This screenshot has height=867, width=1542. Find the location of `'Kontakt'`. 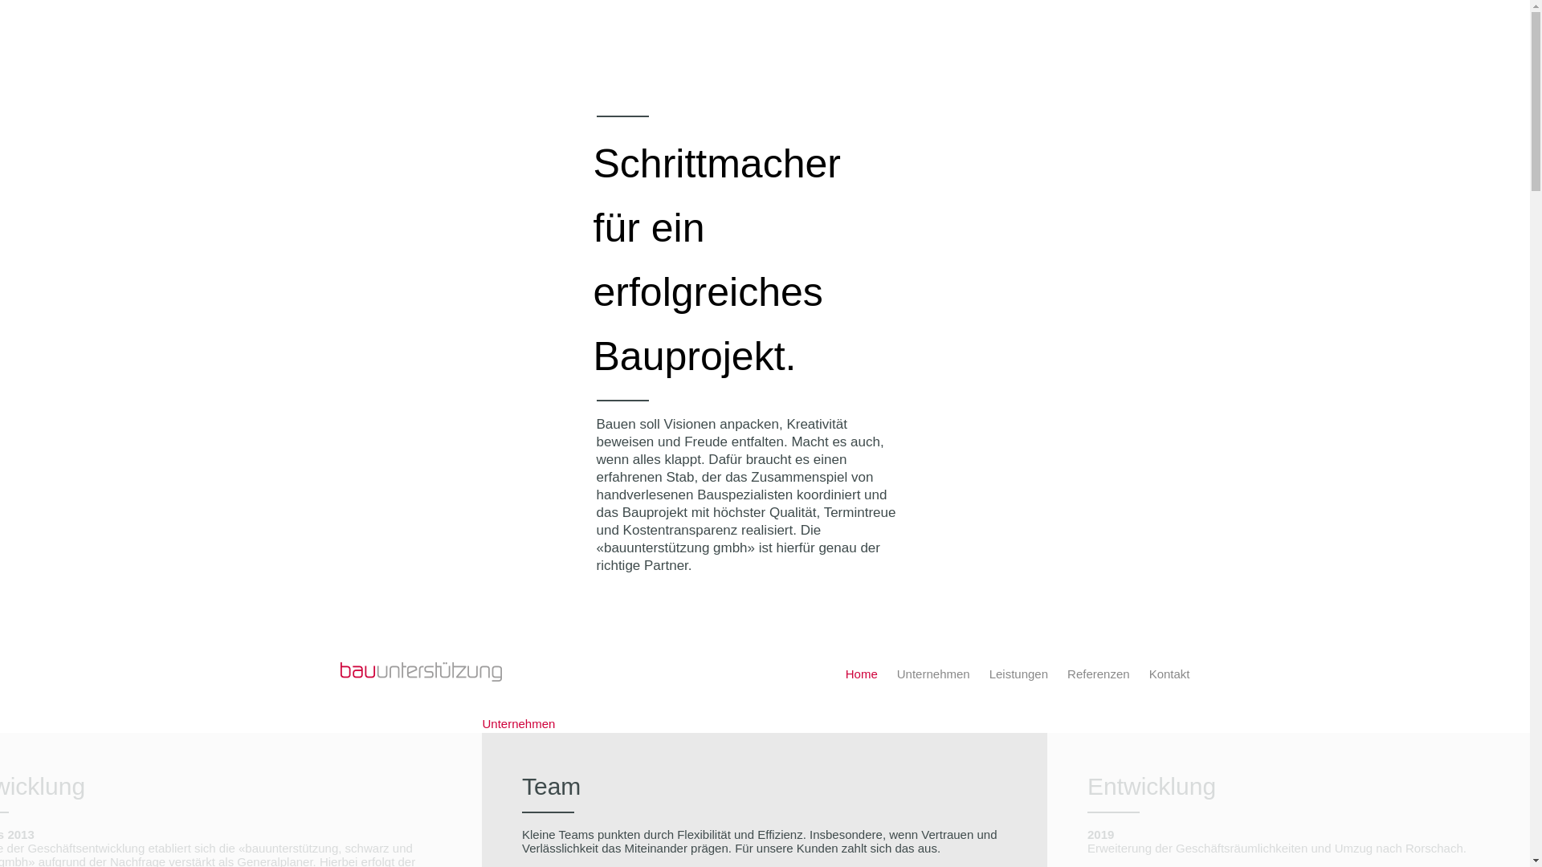

'Kontakt' is located at coordinates (1148, 674).